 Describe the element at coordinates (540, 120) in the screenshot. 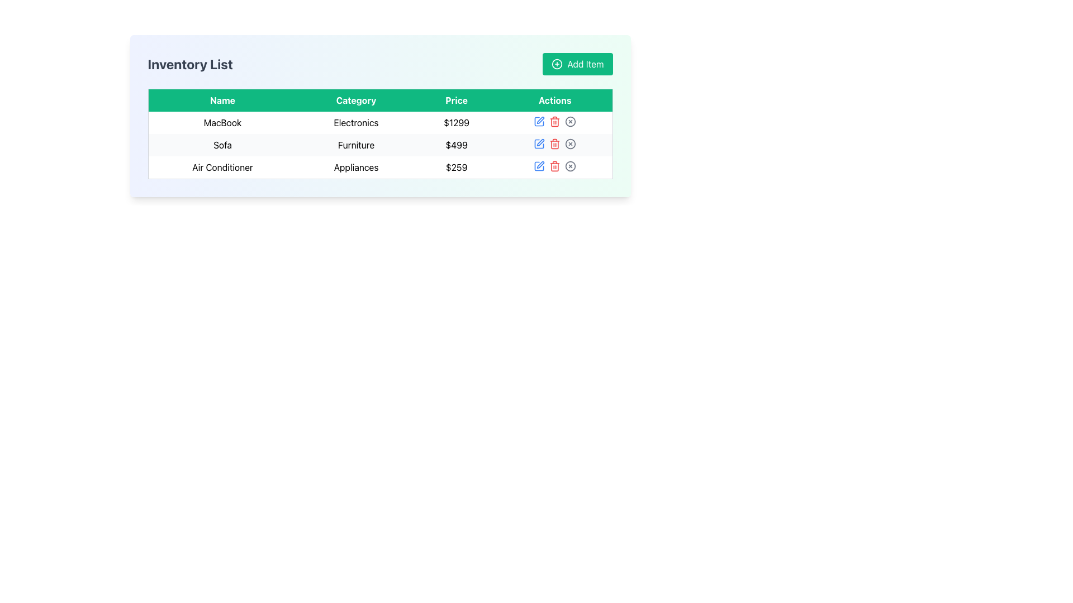

I see `the pencil icon in the 'Actions' column of the inventory list` at that location.